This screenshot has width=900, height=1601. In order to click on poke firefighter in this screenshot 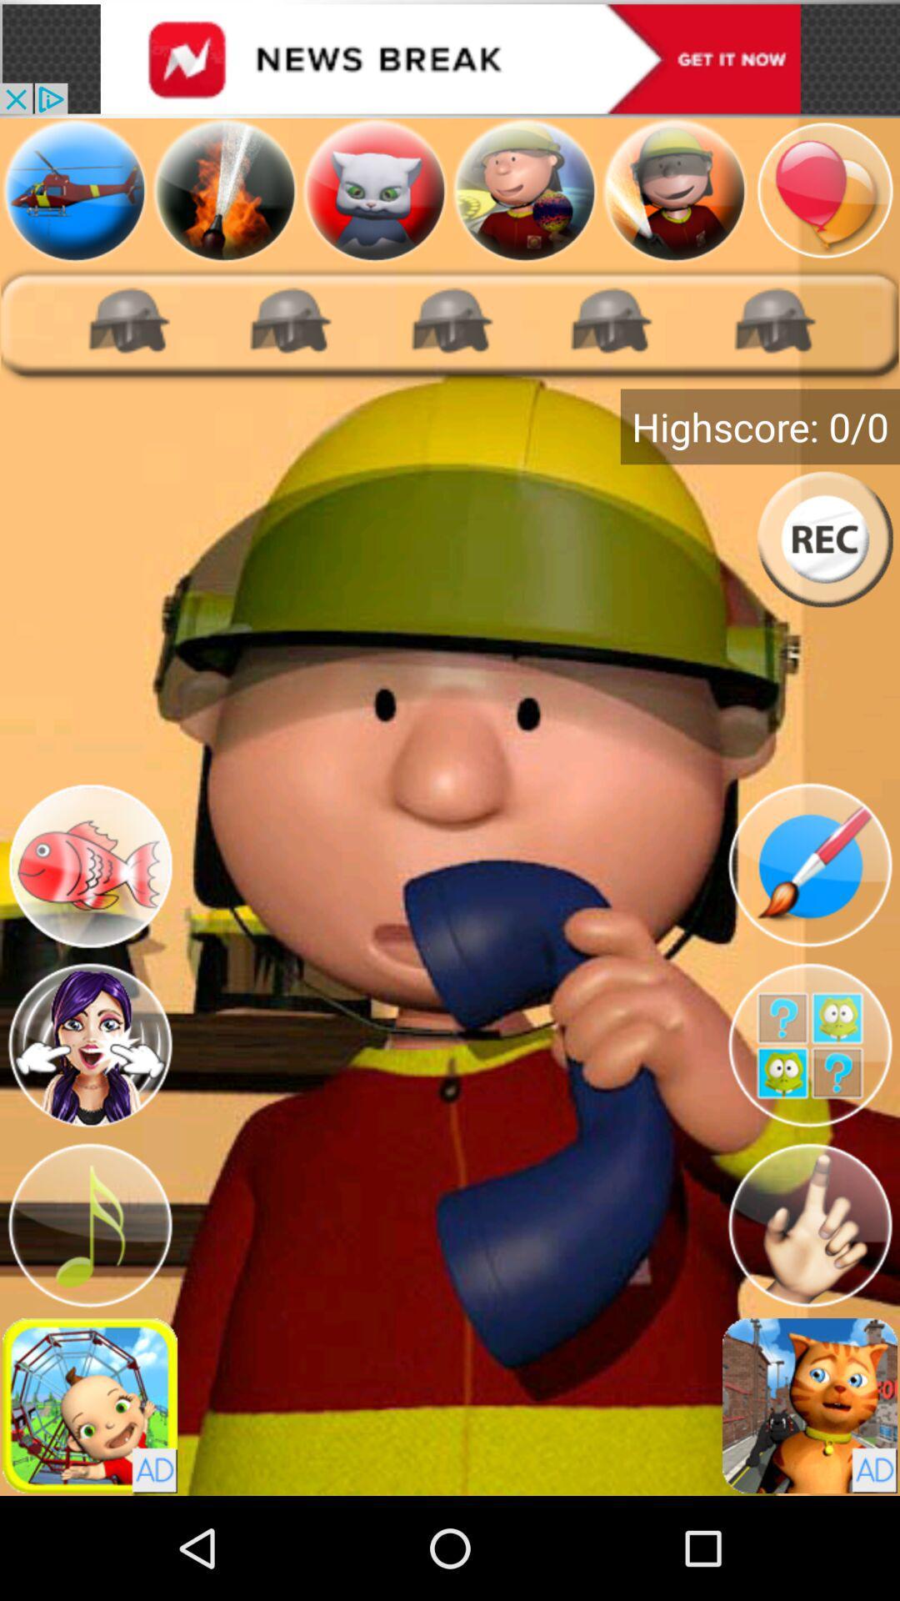, I will do `click(90, 1044)`.